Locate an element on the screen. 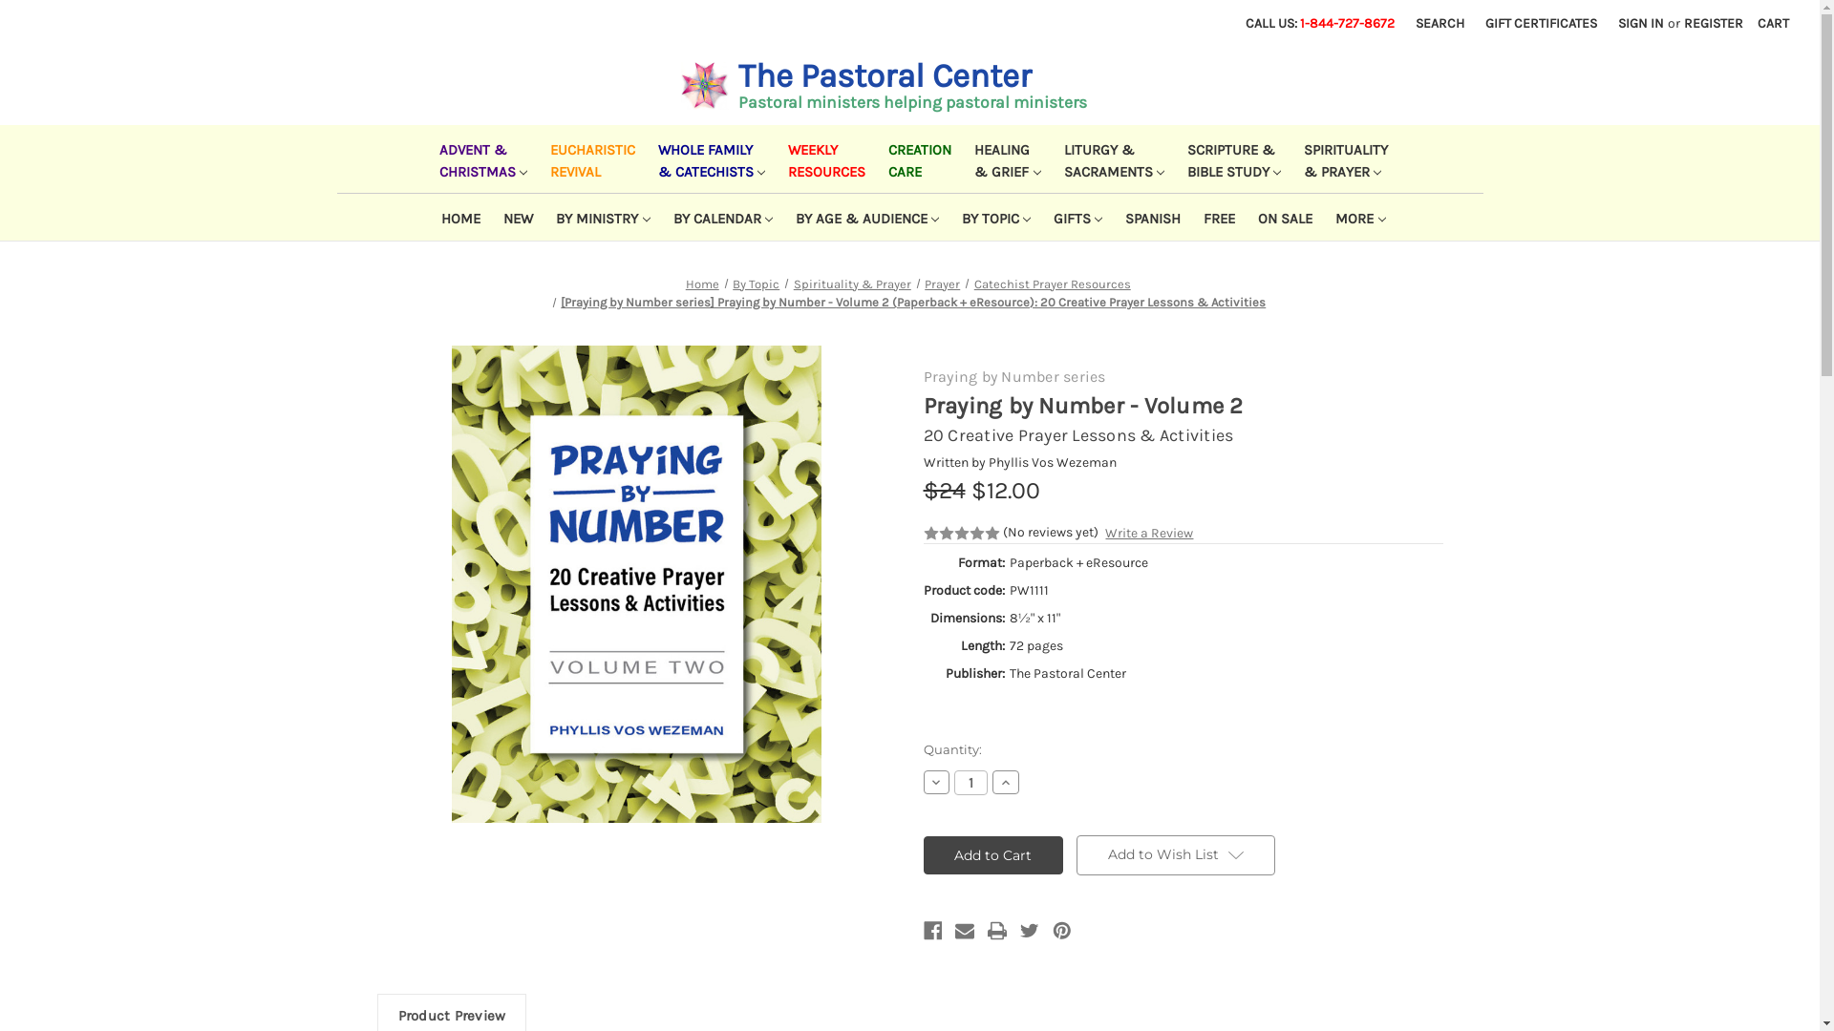 The image size is (1834, 1031). 'Write a Review' is located at coordinates (1148, 533).